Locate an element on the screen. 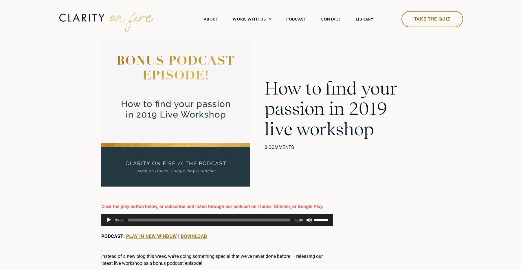 The image size is (521, 270). 'Play in new window' is located at coordinates (151, 236).